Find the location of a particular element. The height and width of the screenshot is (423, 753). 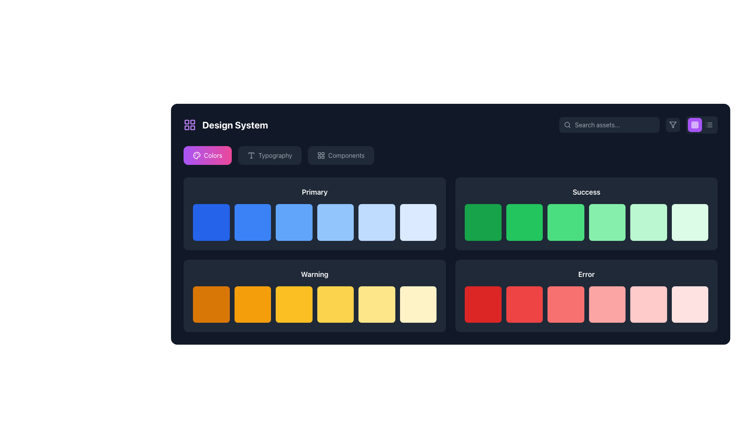

the top-left square of the grid icon, which visually represents the grid view feature in the navigation area is located at coordinates (695, 125).